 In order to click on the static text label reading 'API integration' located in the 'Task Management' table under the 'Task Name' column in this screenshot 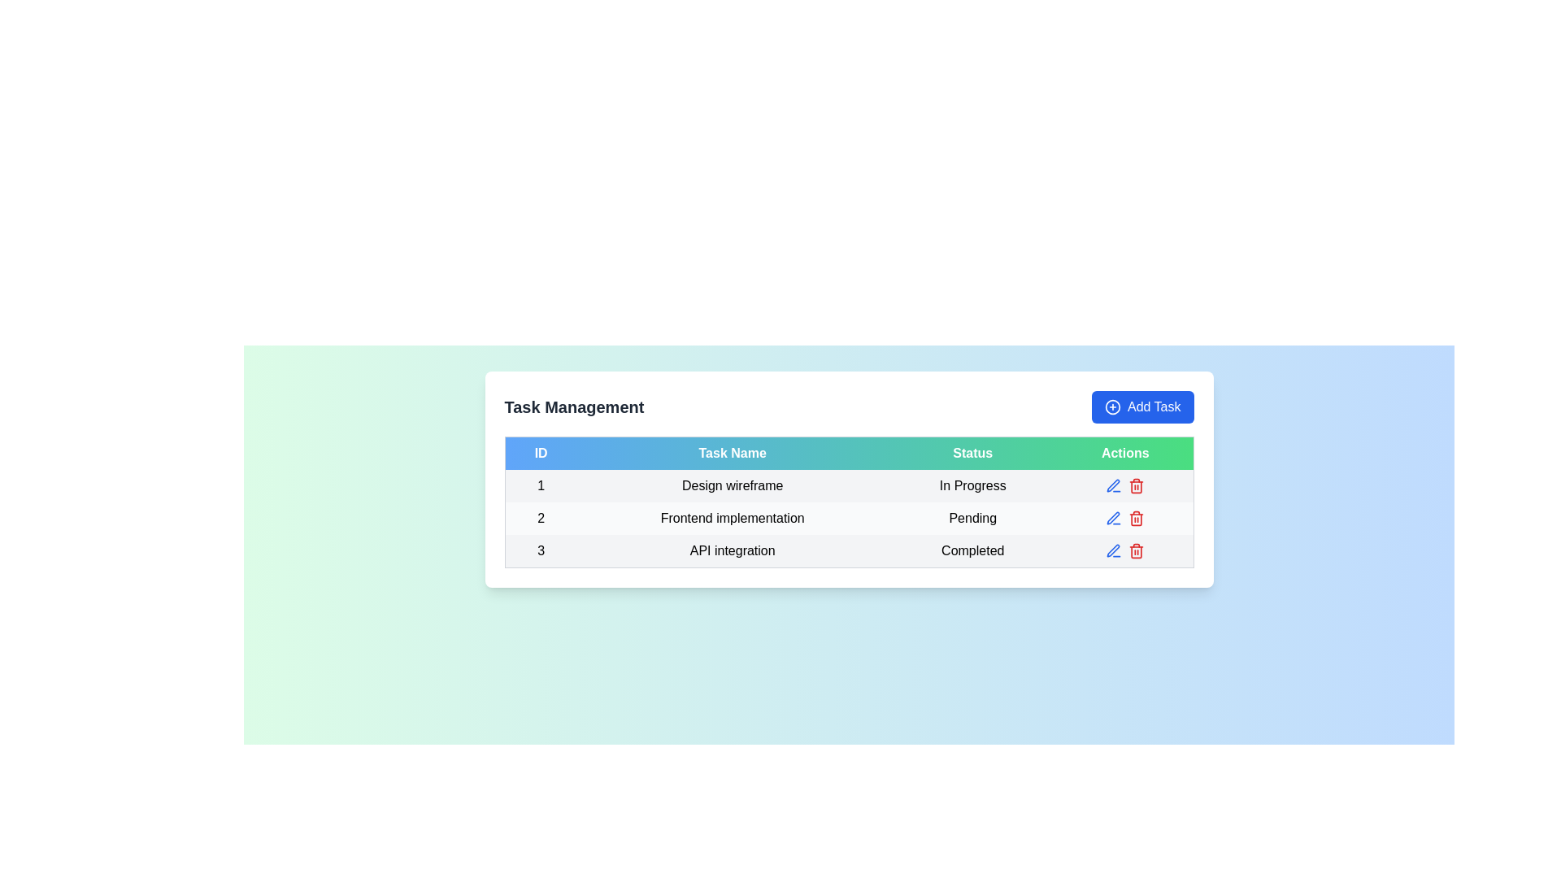, I will do `click(732, 550)`.